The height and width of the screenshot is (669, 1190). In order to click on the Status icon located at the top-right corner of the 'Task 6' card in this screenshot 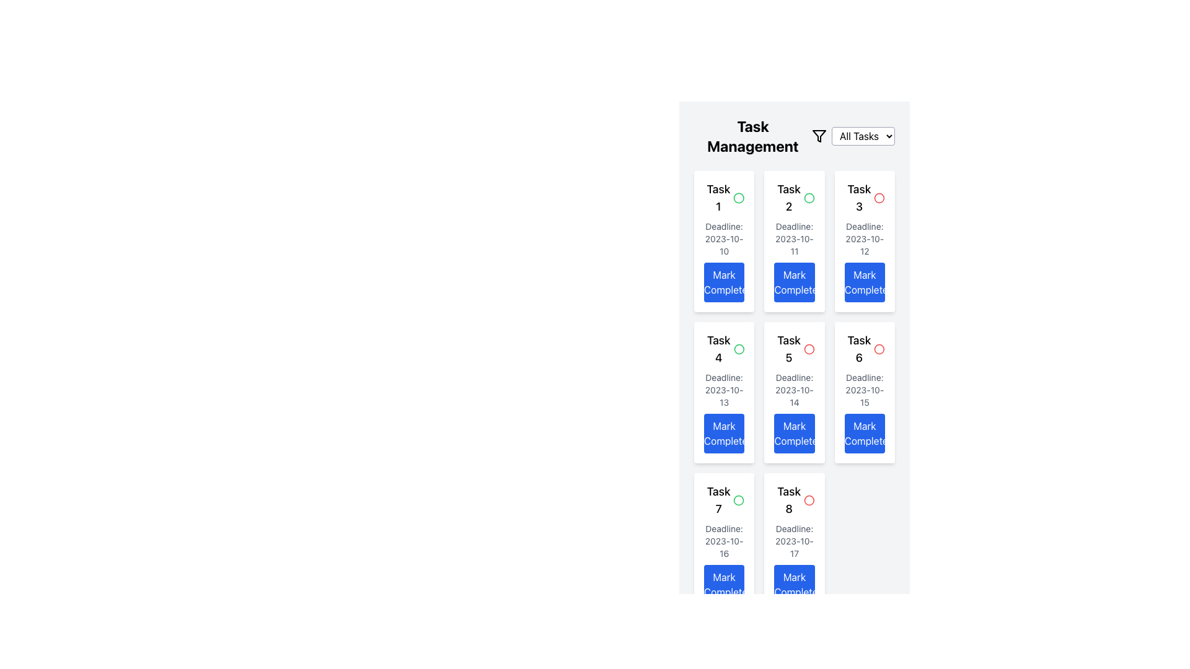, I will do `click(879, 349)`.